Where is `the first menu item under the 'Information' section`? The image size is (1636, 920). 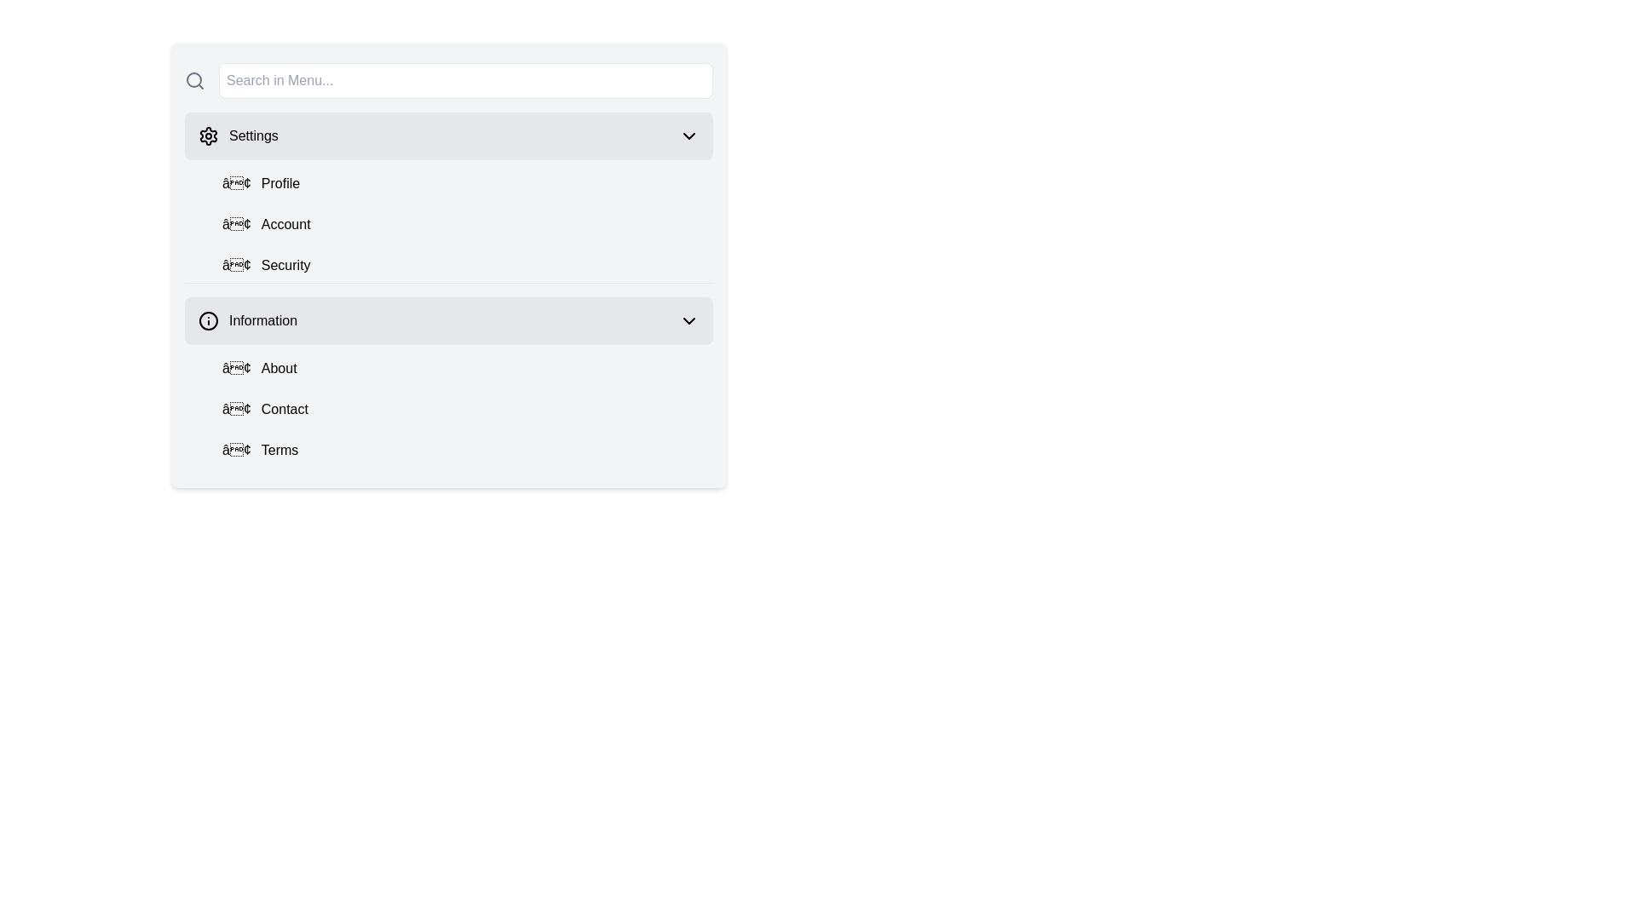
the first menu item under the 'Information' section is located at coordinates (449, 367).